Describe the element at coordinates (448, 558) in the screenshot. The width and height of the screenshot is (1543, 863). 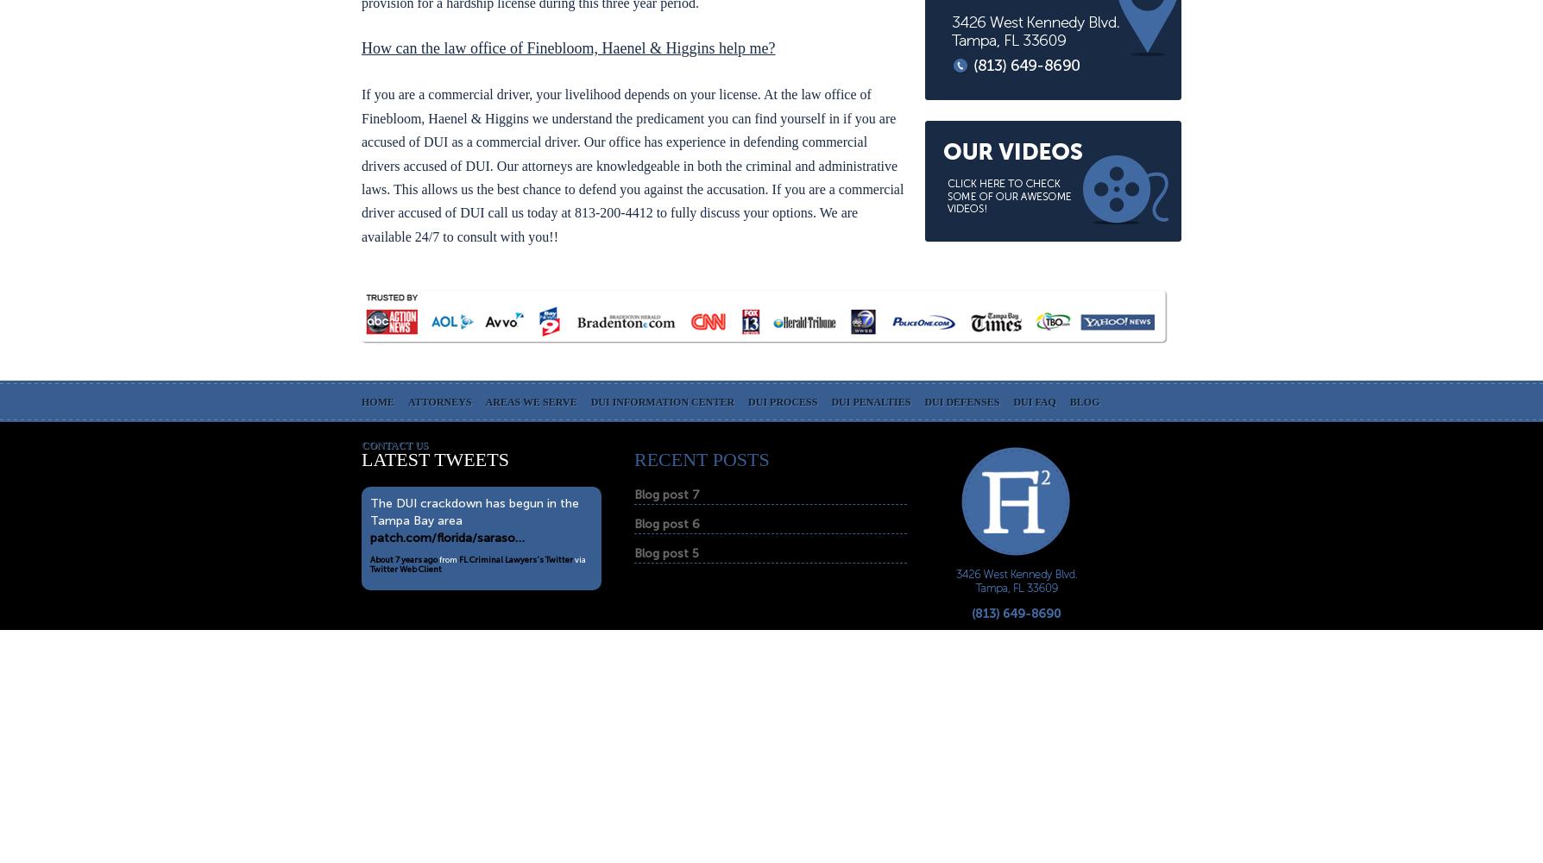
I see `'from'` at that location.